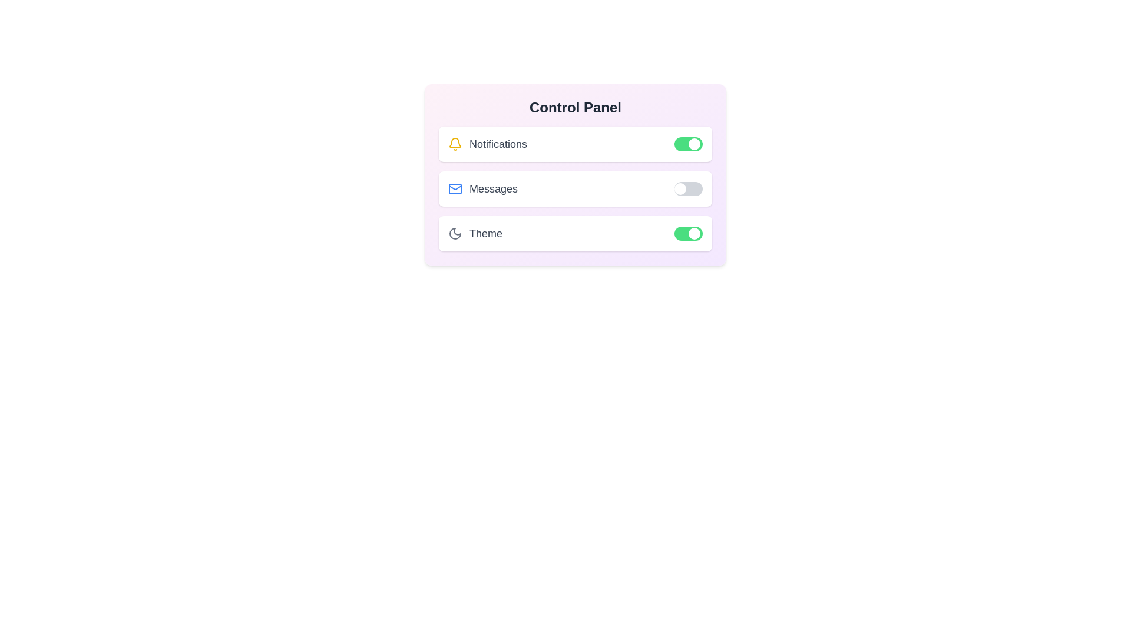  Describe the element at coordinates (680, 188) in the screenshot. I see `the toggle switch handle located on the left side of the 'Messages' label in the second row of the interface, which represents its inactive state` at that location.